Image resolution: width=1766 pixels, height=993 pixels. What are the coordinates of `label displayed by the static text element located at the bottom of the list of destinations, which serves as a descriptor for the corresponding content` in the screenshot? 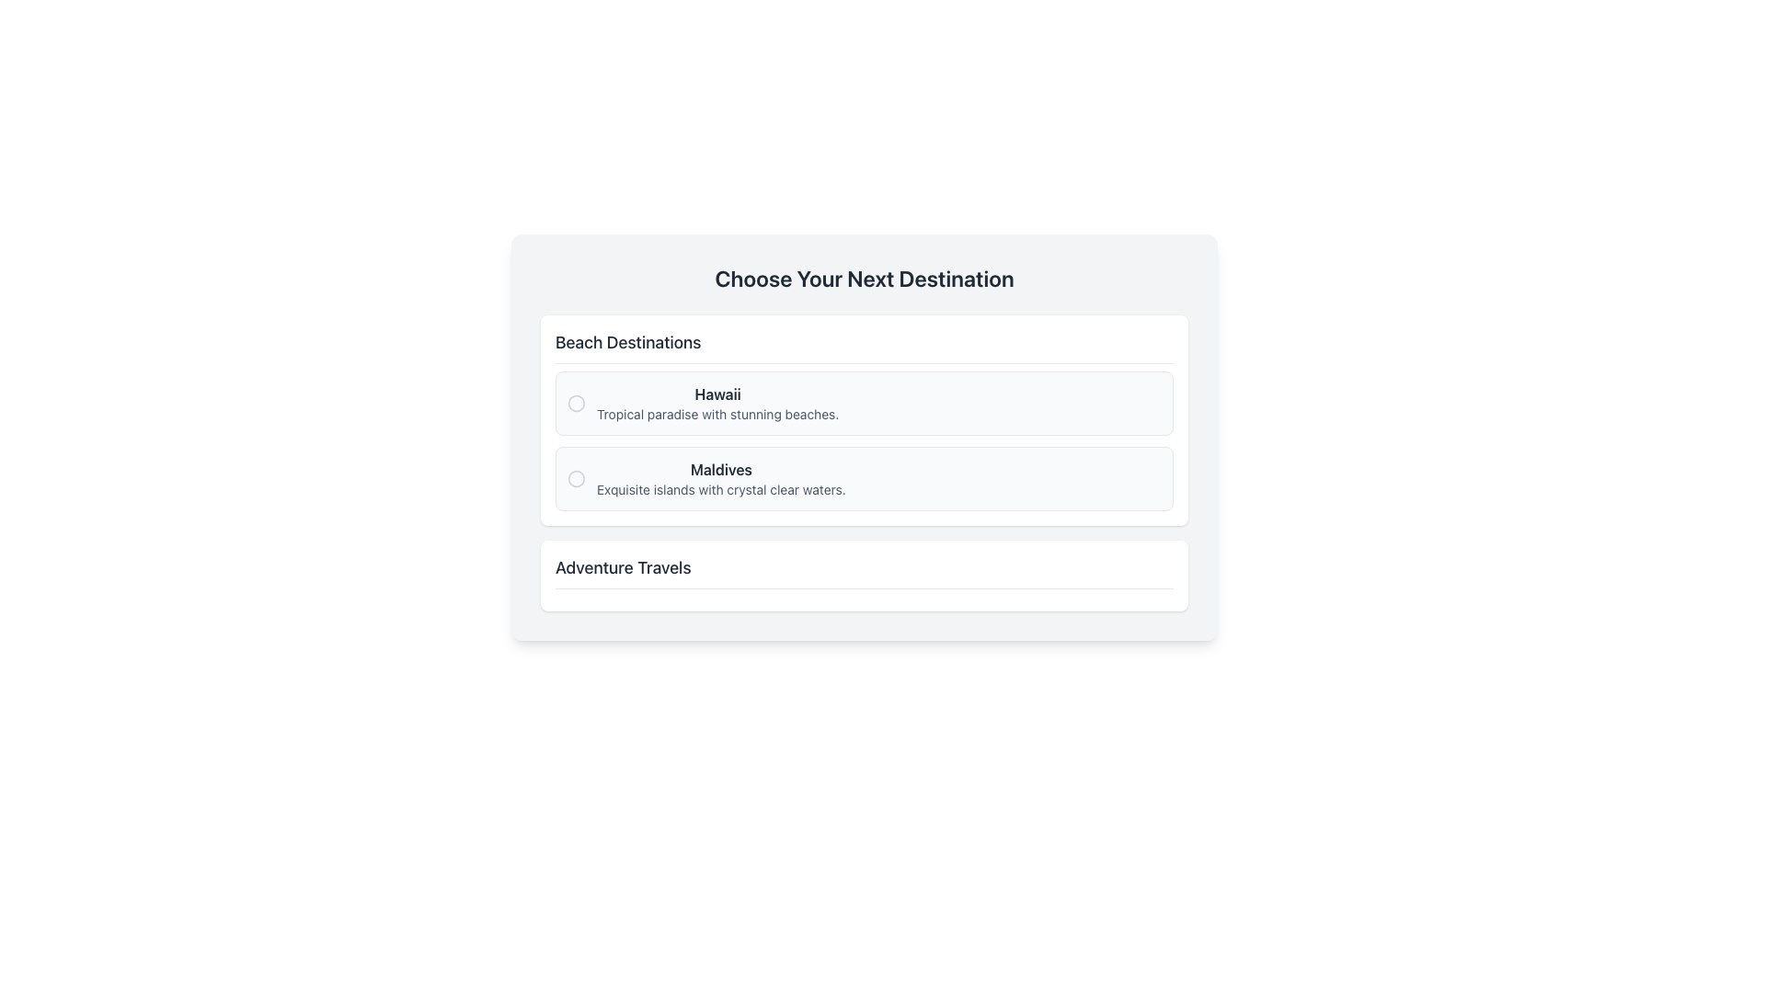 It's located at (623, 566).